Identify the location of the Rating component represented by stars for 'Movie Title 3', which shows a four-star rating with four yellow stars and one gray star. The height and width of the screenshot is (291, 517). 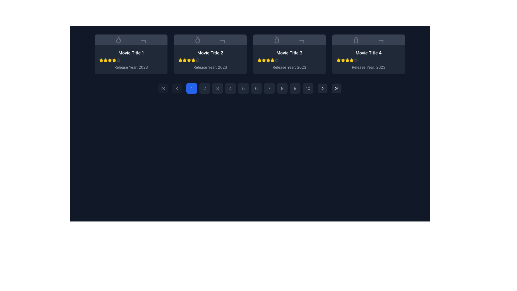
(289, 60).